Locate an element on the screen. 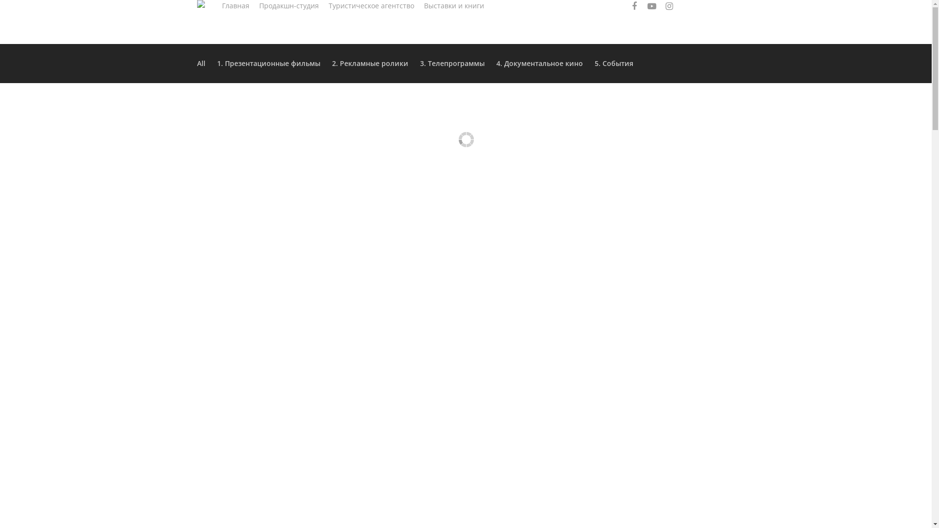  'All' is located at coordinates (196, 64).